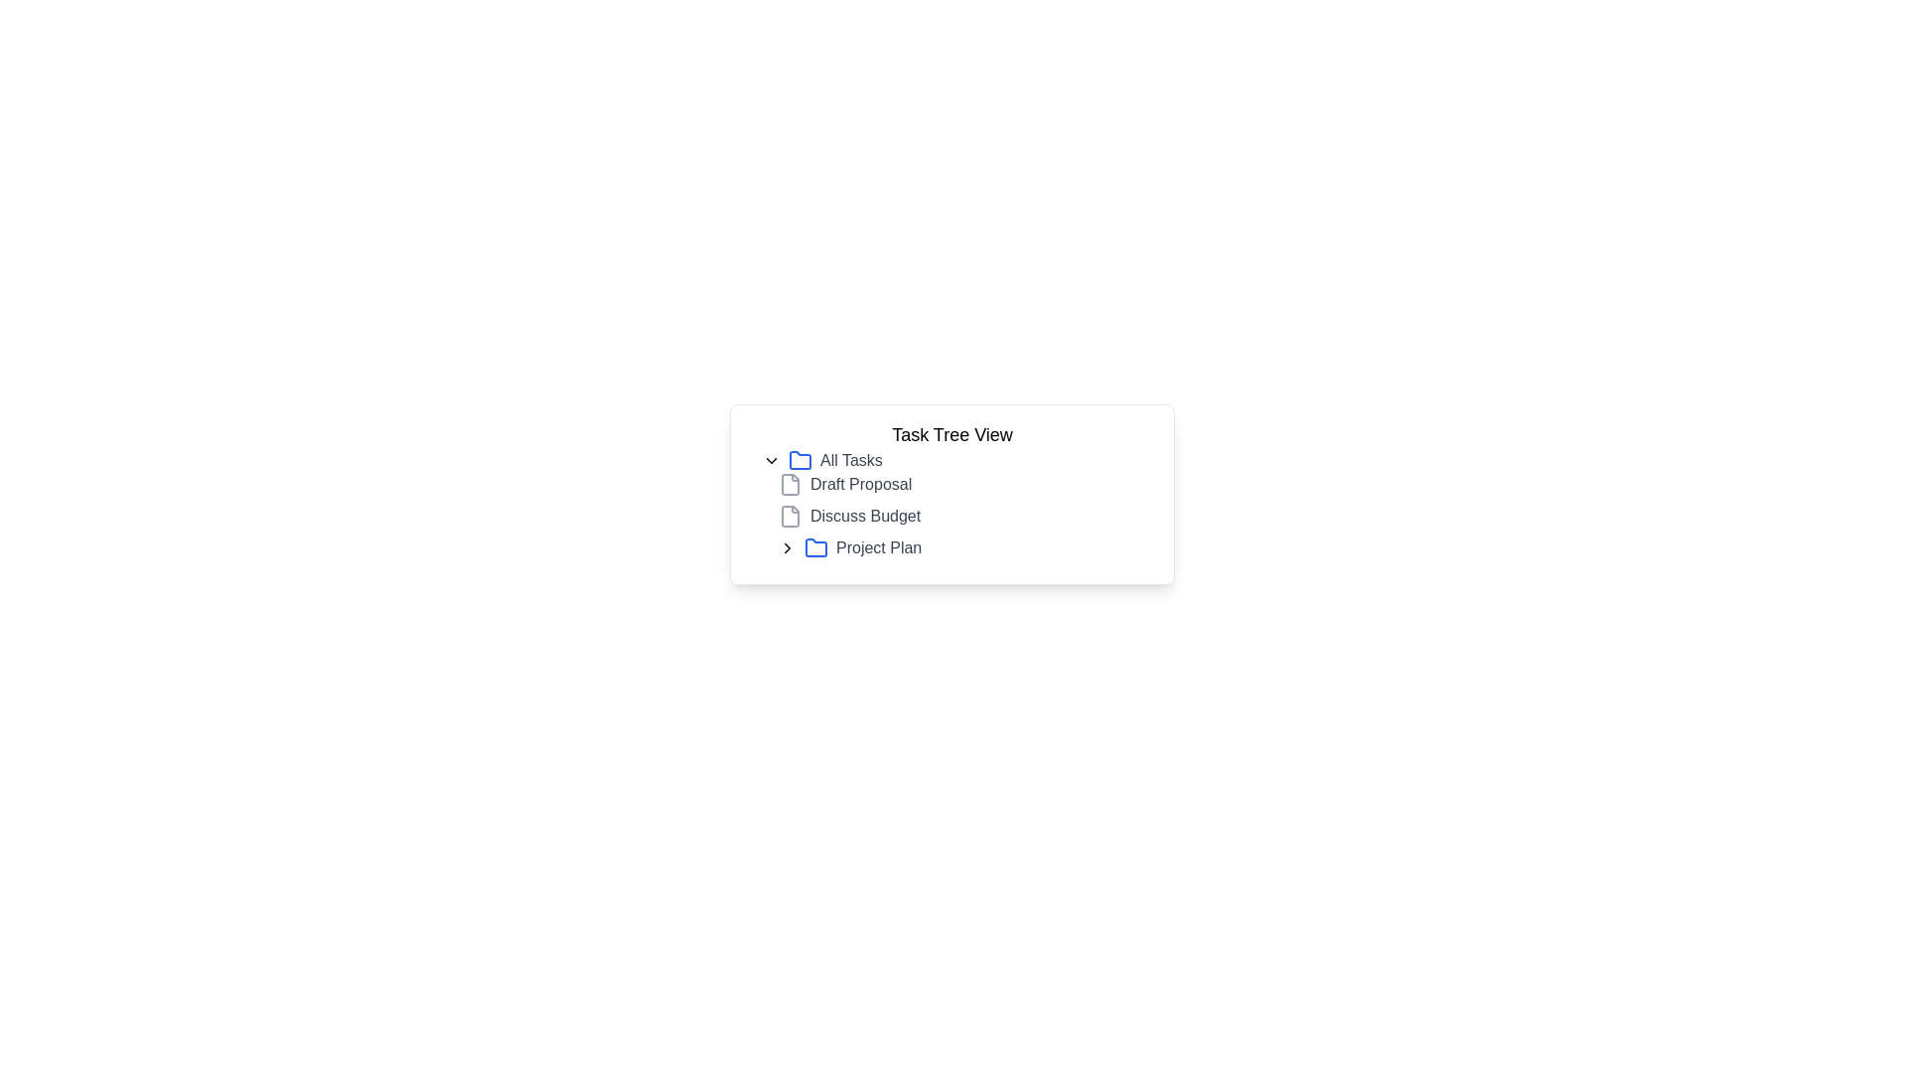 This screenshot has height=1073, width=1907. I want to click on the chevron button located to the left of the 'Project Plan' text, so click(786, 547).